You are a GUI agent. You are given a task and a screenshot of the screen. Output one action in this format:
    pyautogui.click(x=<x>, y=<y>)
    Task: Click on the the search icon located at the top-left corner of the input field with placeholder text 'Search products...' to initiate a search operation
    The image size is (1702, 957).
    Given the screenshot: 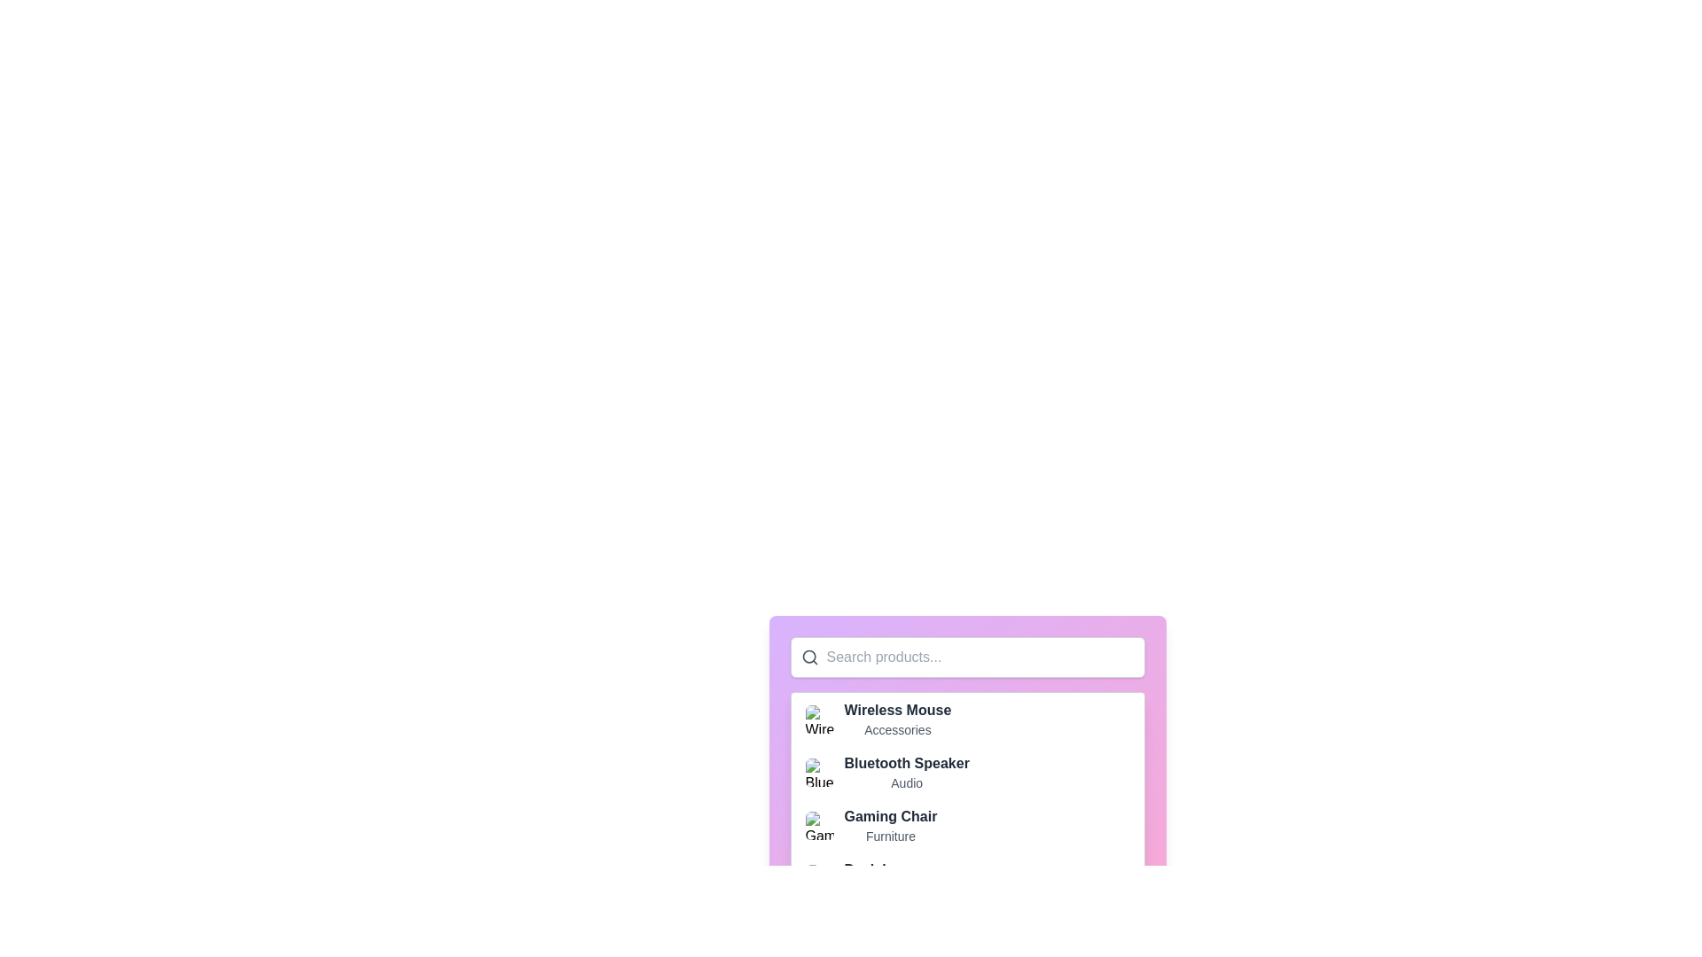 What is the action you would take?
    pyautogui.click(x=808, y=657)
    